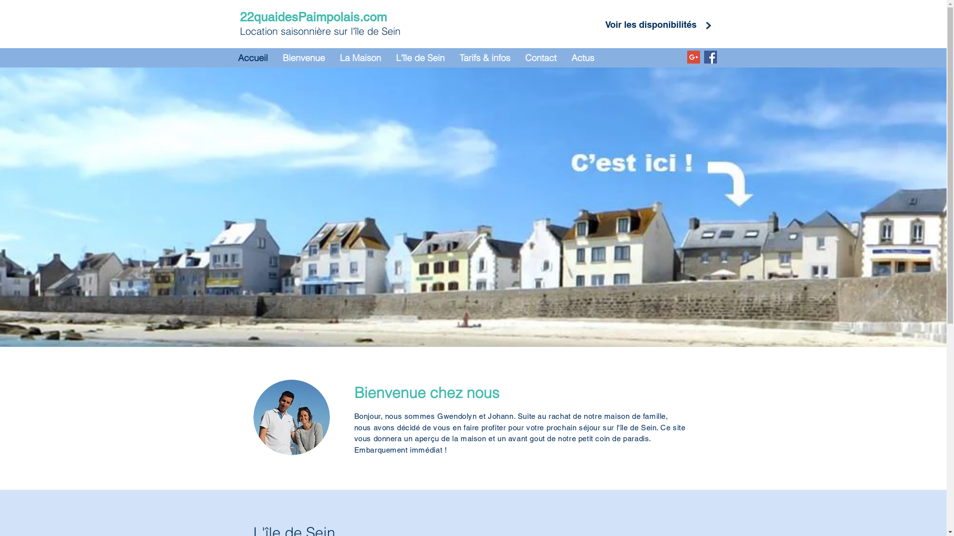 This screenshot has width=954, height=536. Describe the element at coordinates (582, 58) in the screenshot. I see `'Actus'` at that location.